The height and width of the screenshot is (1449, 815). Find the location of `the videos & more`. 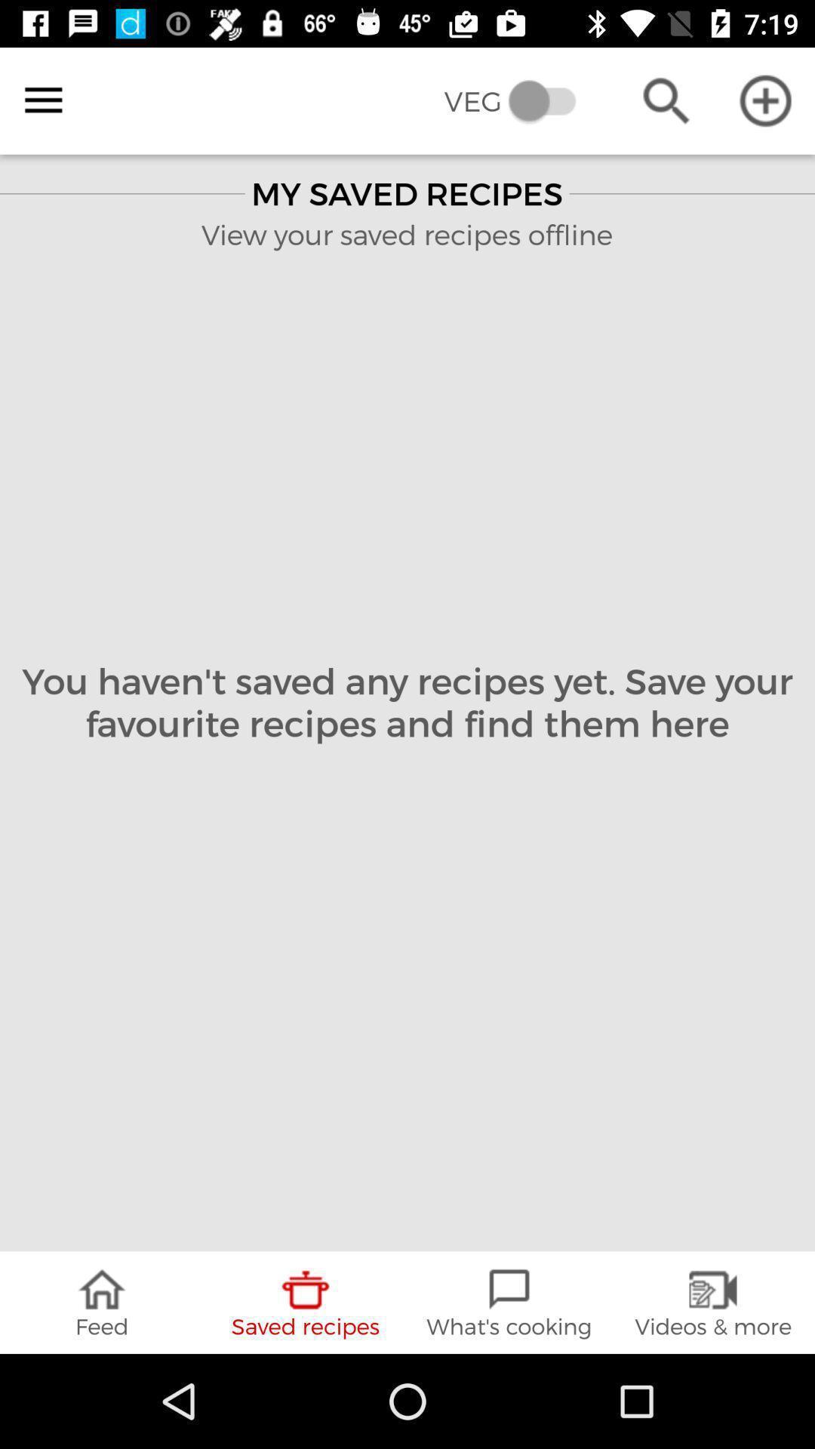

the videos & more is located at coordinates (713, 1302).